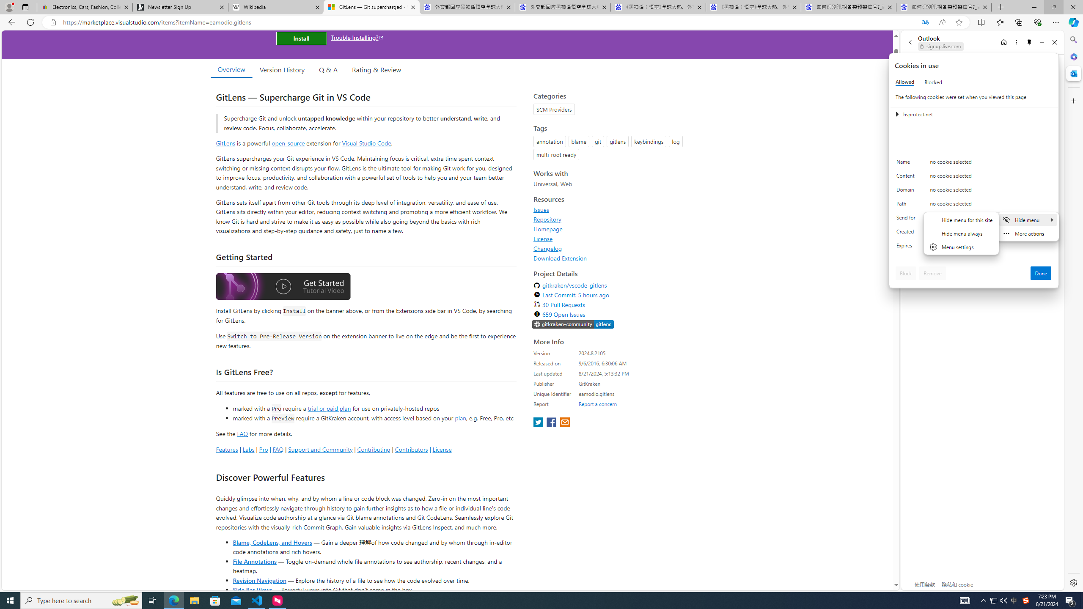  I want to click on 'Block', so click(905, 273).